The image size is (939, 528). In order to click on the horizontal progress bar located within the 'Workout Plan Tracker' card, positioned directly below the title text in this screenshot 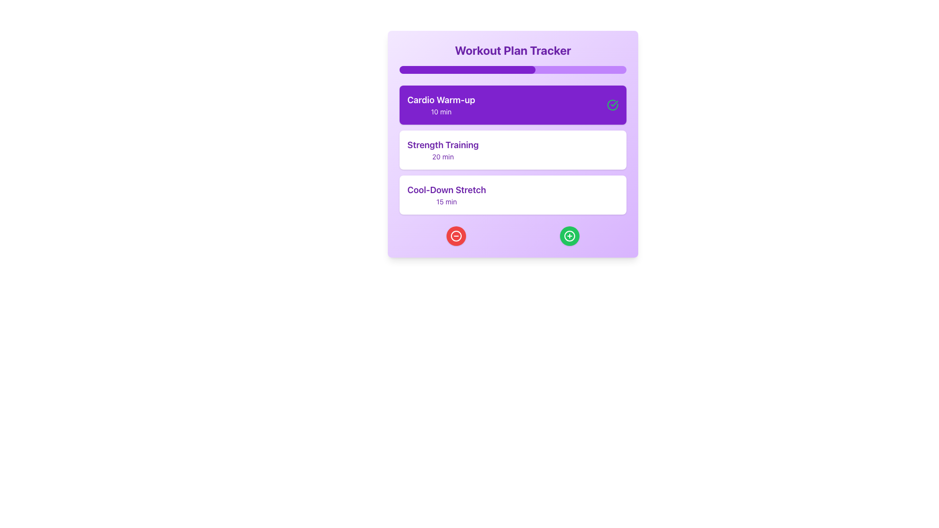, I will do `click(513, 69)`.